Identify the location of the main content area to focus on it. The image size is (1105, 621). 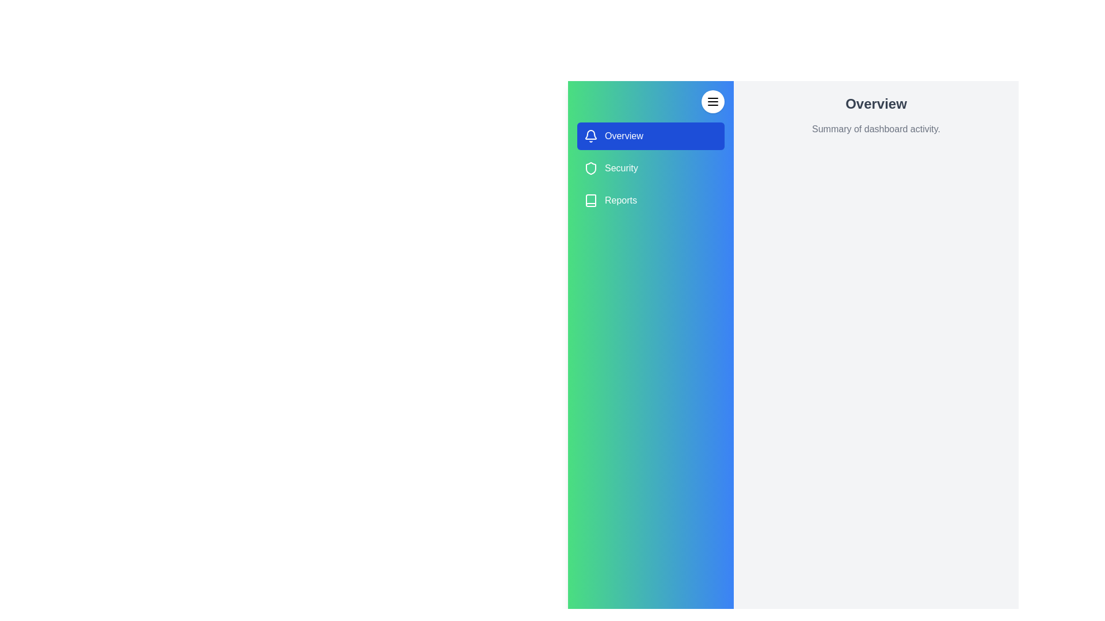
(875, 391).